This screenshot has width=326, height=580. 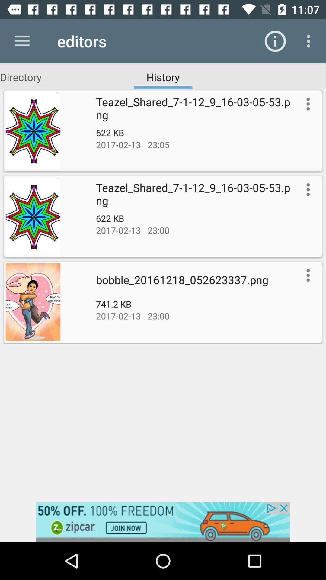 What do you see at coordinates (307, 189) in the screenshot?
I see `more information` at bounding box center [307, 189].